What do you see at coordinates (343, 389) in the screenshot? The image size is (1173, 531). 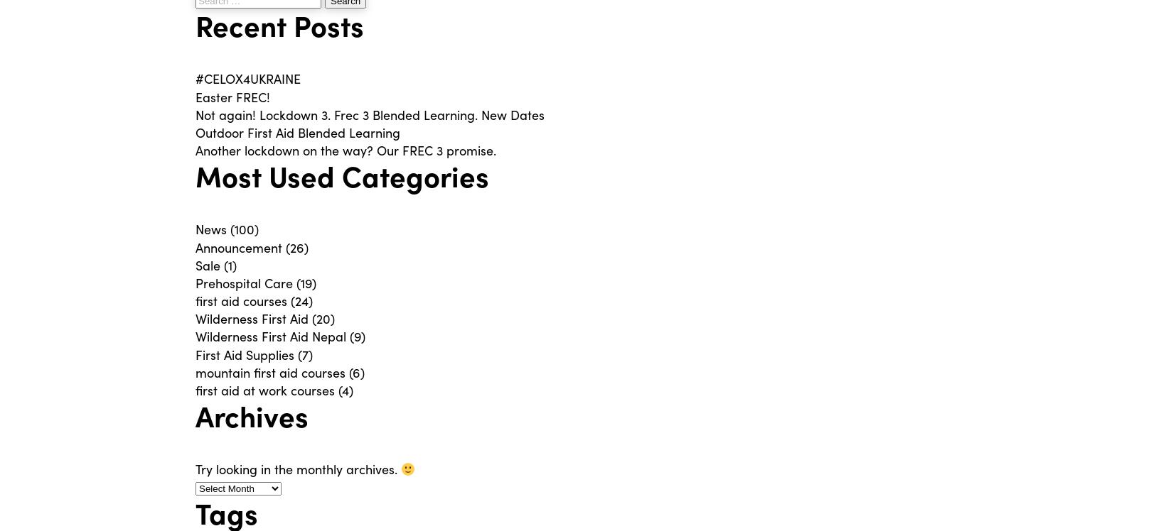 I see `'(4)'` at bounding box center [343, 389].